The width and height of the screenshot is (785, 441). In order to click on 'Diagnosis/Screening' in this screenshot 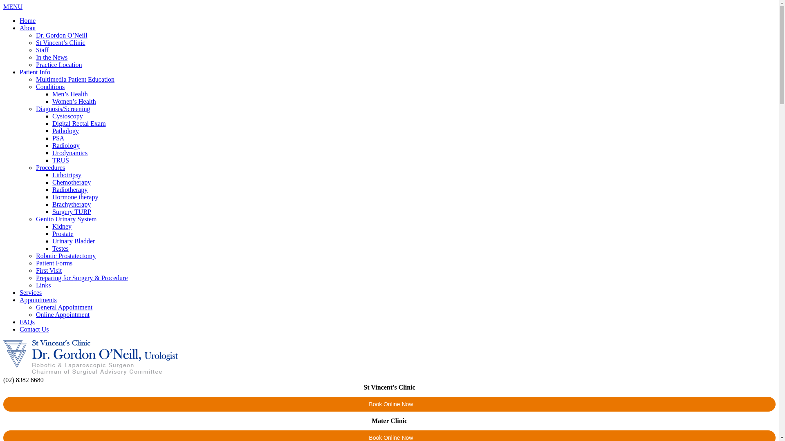, I will do `click(62, 108)`.